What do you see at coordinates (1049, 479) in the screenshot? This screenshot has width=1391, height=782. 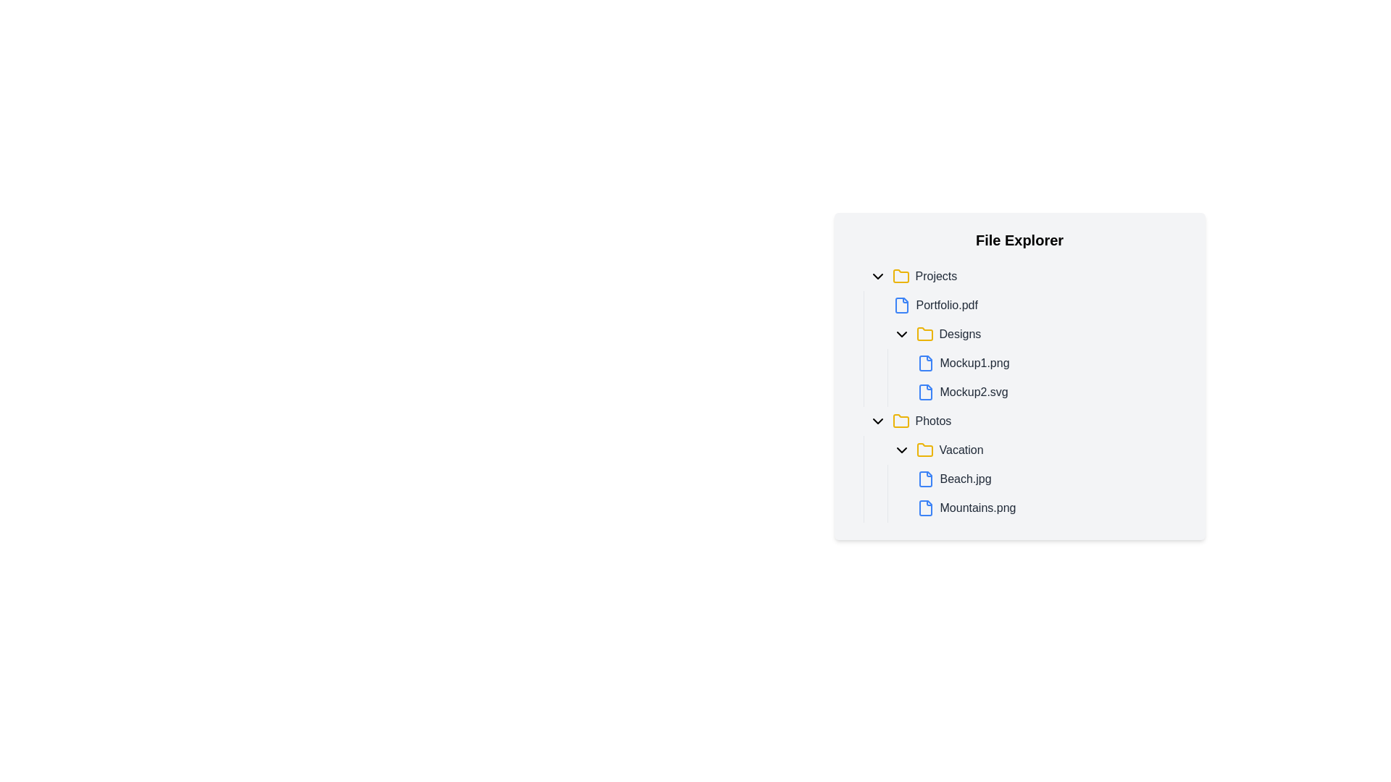 I see `the file labeled 'Beach.jpg' in the file list under the 'Vacation' folder` at bounding box center [1049, 479].